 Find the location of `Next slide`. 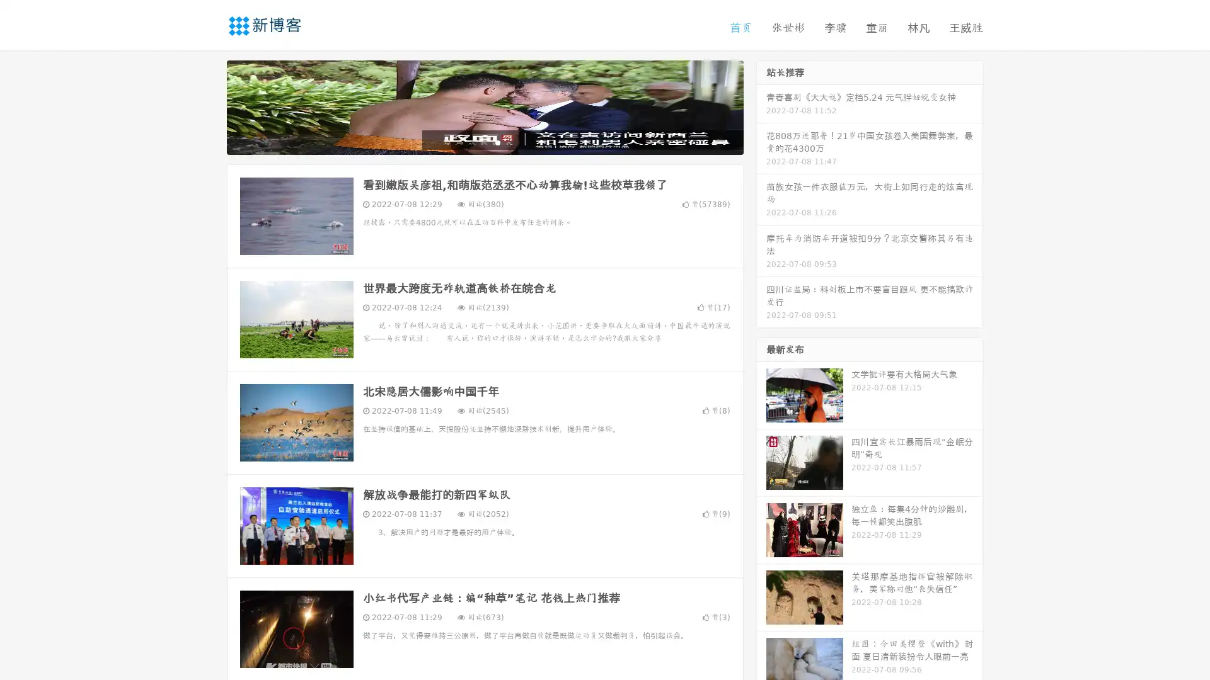

Next slide is located at coordinates (761, 106).